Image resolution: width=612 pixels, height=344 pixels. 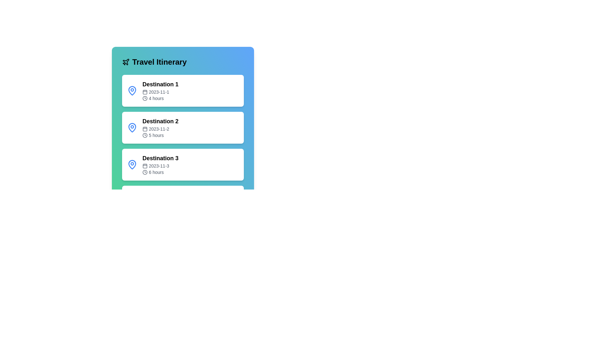 What do you see at coordinates (126, 62) in the screenshot?
I see `the travel itinerary icon graphic (SVG) located near the top-left corner of the content area, adjacent to the 'Travel Itinerary' title text` at bounding box center [126, 62].